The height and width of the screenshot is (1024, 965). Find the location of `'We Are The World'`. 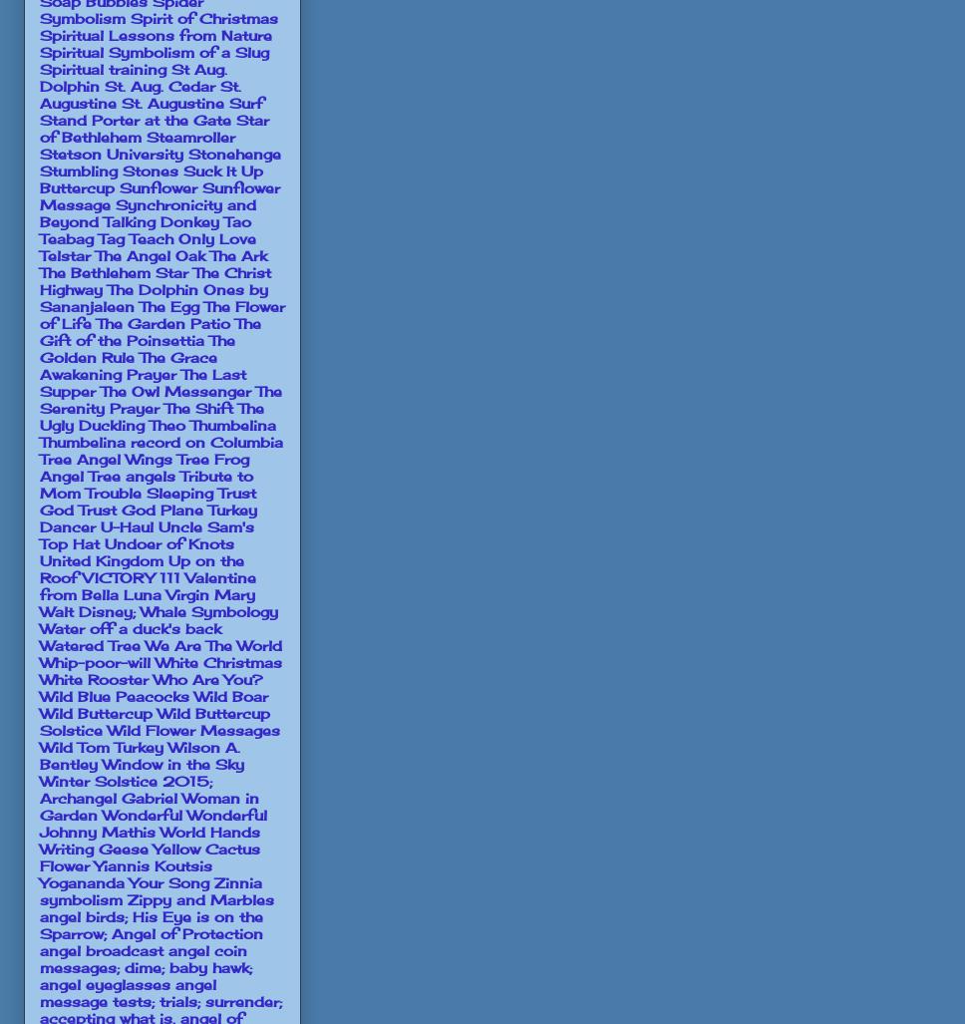

'We Are The World' is located at coordinates (144, 643).